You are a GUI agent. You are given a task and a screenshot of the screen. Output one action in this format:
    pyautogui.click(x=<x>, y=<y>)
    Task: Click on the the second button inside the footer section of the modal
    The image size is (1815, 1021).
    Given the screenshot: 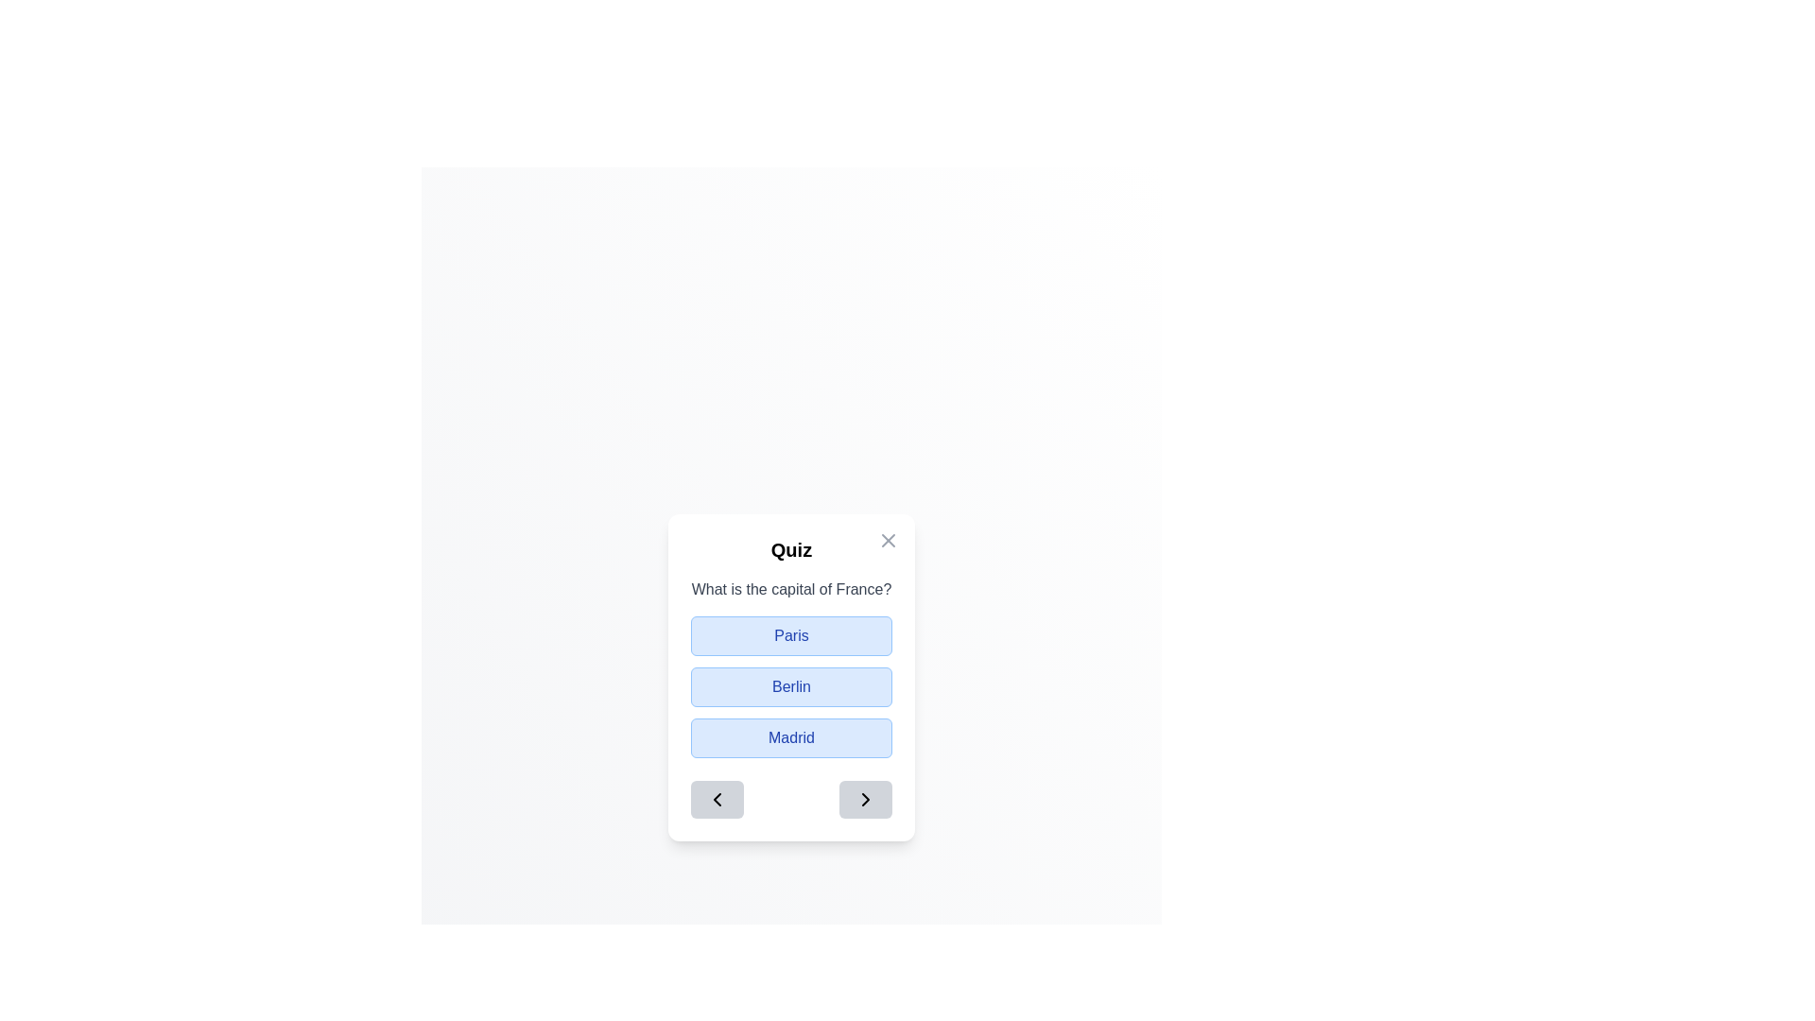 What is the action you would take?
    pyautogui.click(x=865, y=799)
    